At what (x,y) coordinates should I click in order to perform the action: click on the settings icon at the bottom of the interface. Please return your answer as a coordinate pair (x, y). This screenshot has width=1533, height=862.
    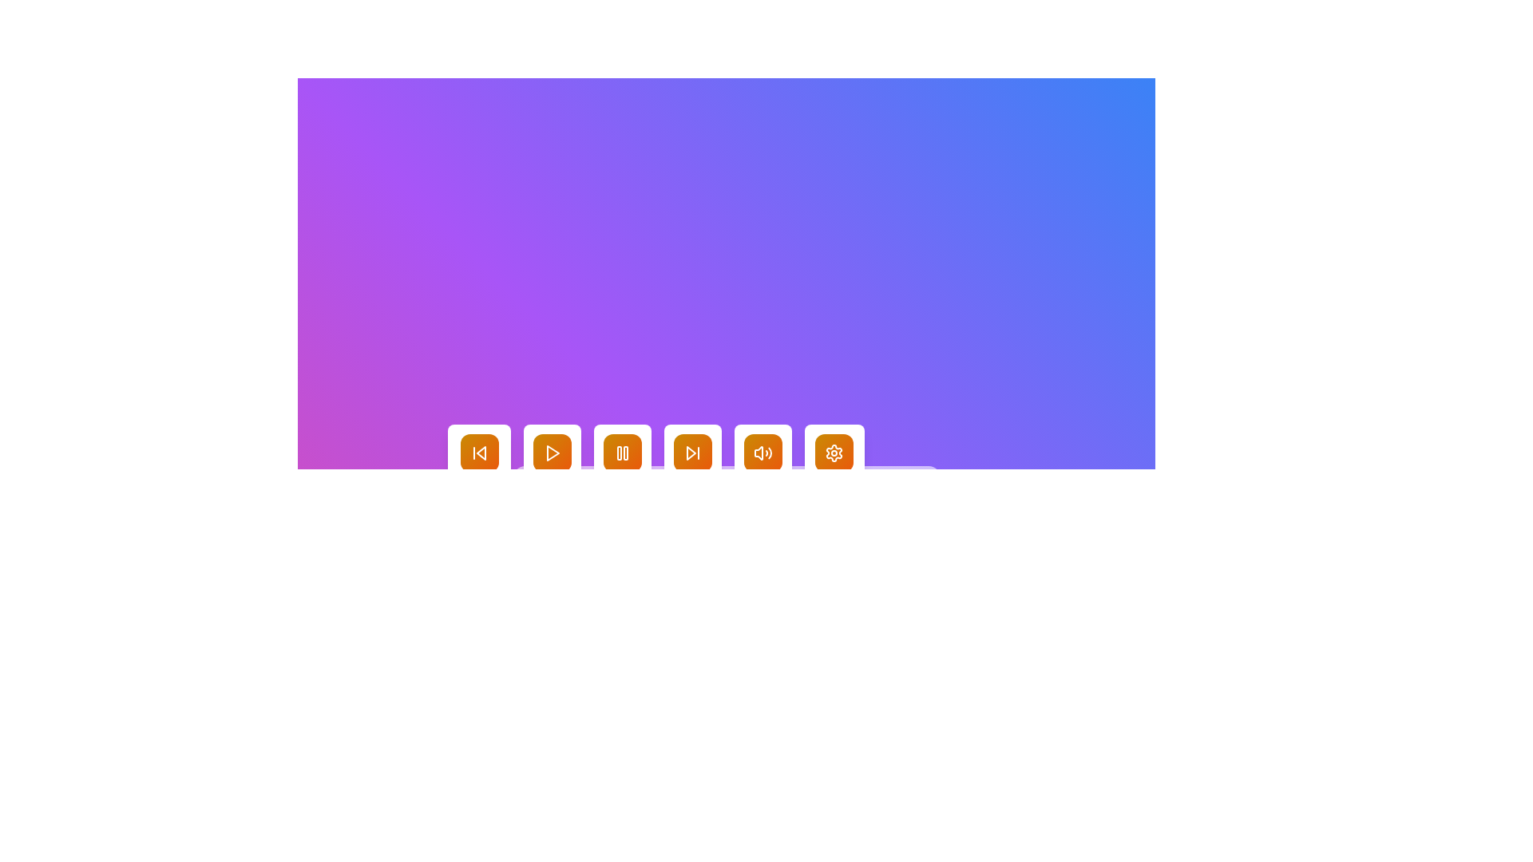
    Looking at the image, I should click on (834, 453).